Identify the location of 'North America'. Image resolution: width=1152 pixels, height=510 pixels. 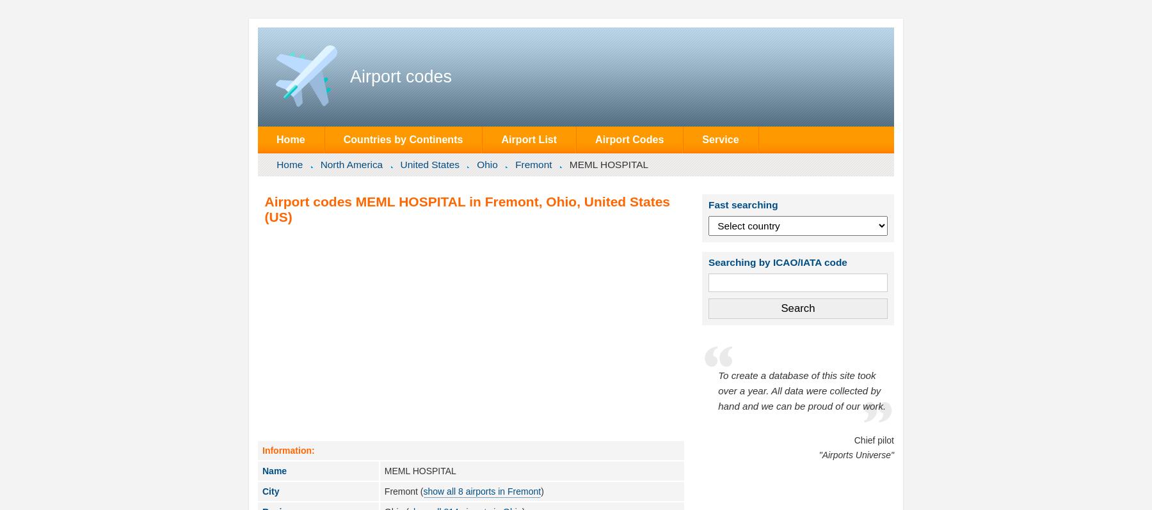
(351, 164).